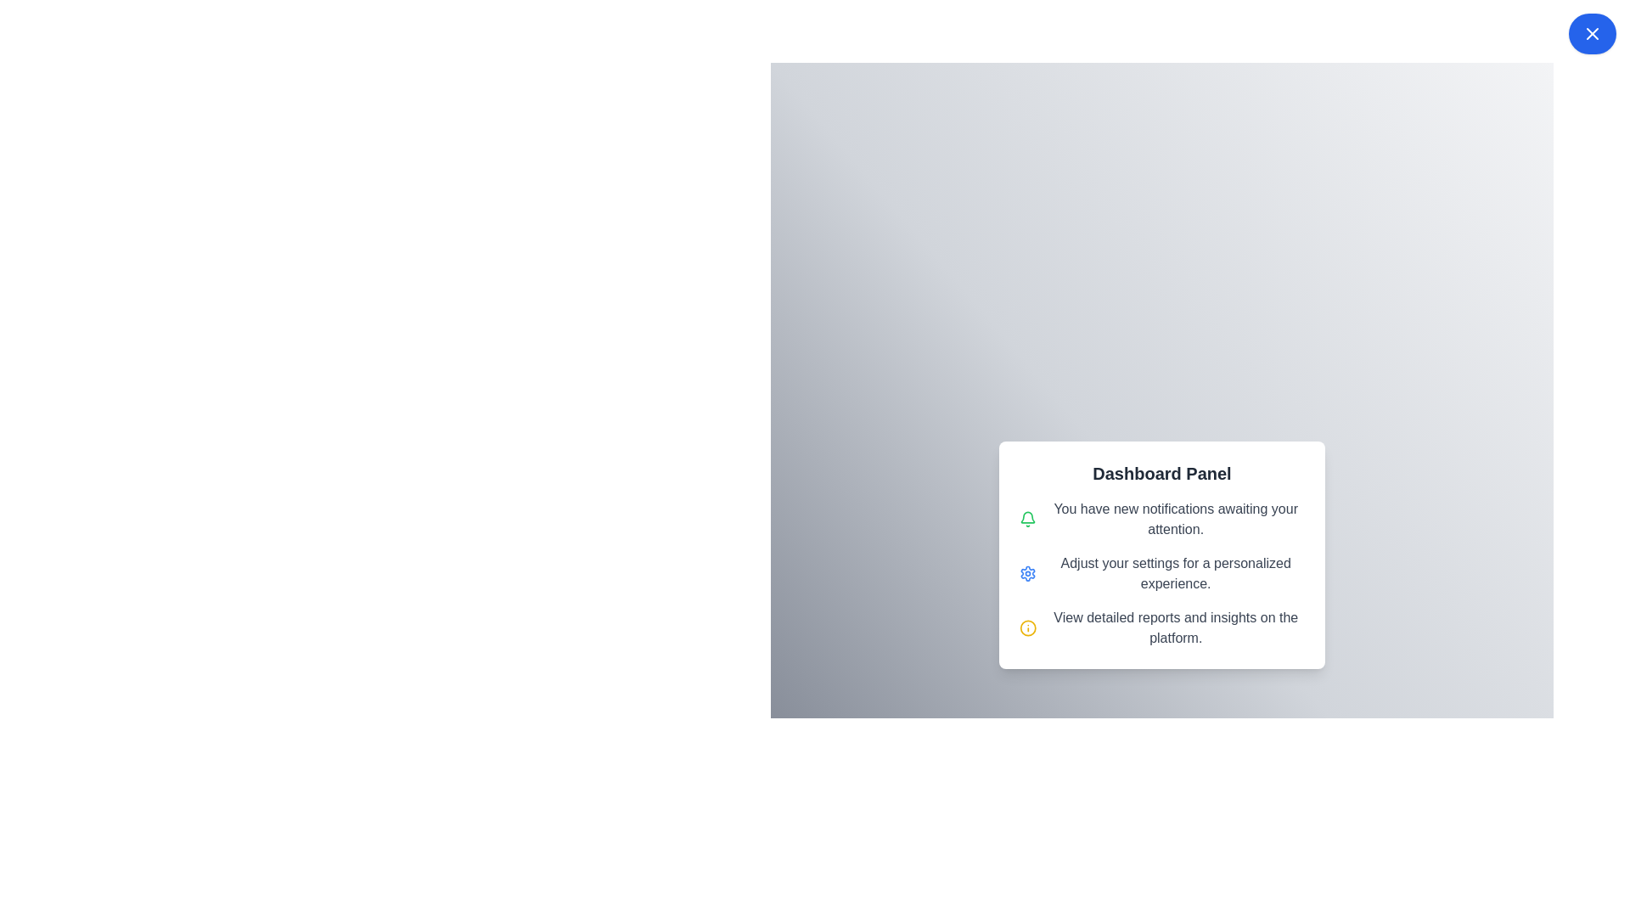 This screenshot has width=1630, height=917. What do you see at coordinates (1175, 573) in the screenshot?
I see `the static text block that reads 'Adjust your settings for a personalized experience.' This text is styled in medium weight, gray color, and sans-serif font, located in a pop-up card beneath notification text and above report description, and aligned with a cogwheel icon` at bounding box center [1175, 573].